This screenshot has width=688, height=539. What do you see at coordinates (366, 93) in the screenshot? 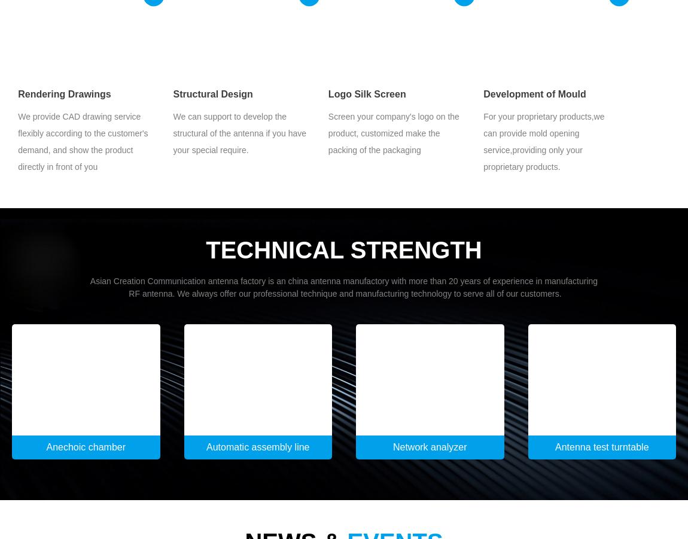
I see `'Logo Silk Screen'` at bounding box center [366, 93].